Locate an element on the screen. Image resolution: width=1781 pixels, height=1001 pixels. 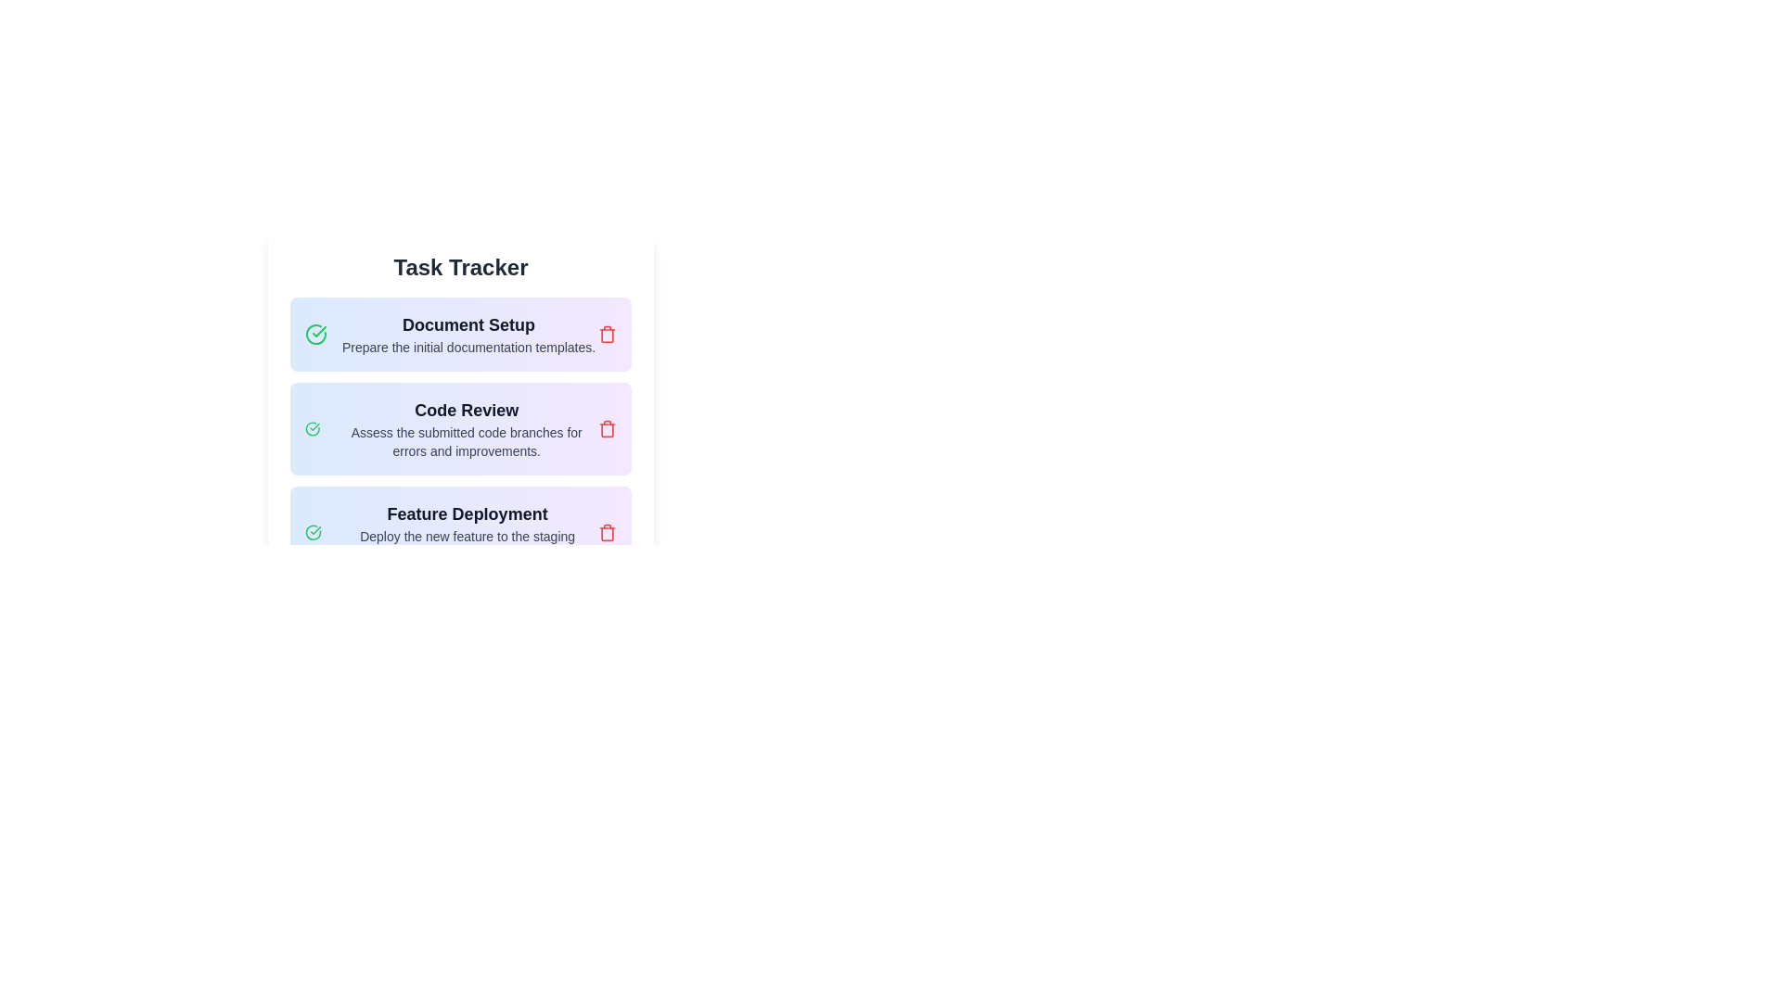
the Task item with the bold title 'Feature Deployment' which is located in the Task Tracker section, positioned below 'Code Review' and above the next task is located at coordinates (451, 532).